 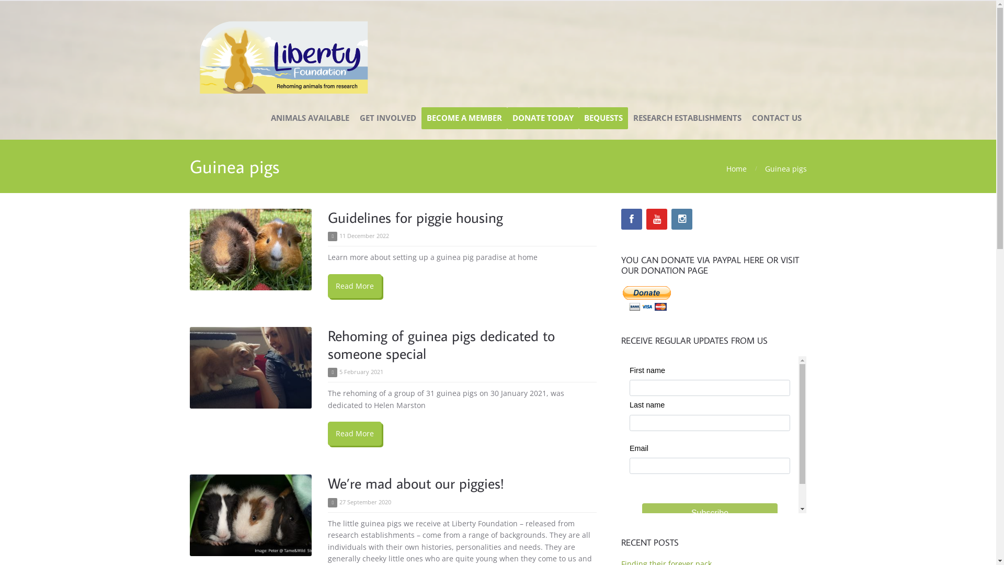 What do you see at coordinates (250, 367) in the screenshot?
I see `'Go to Rehoming of guinea pigs dedicated to someone special'` at bounding box center [250, 367].